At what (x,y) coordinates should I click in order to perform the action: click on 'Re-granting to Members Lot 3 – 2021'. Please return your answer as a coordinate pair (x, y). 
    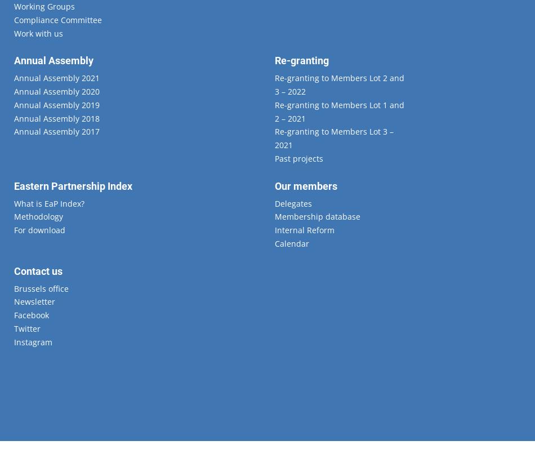
    Looking at the image, I should click on (333, 137).